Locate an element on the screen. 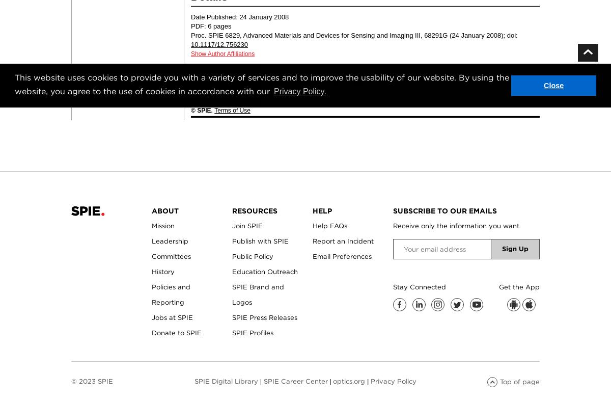  'Top of page' is located at coordinates (519, 381).